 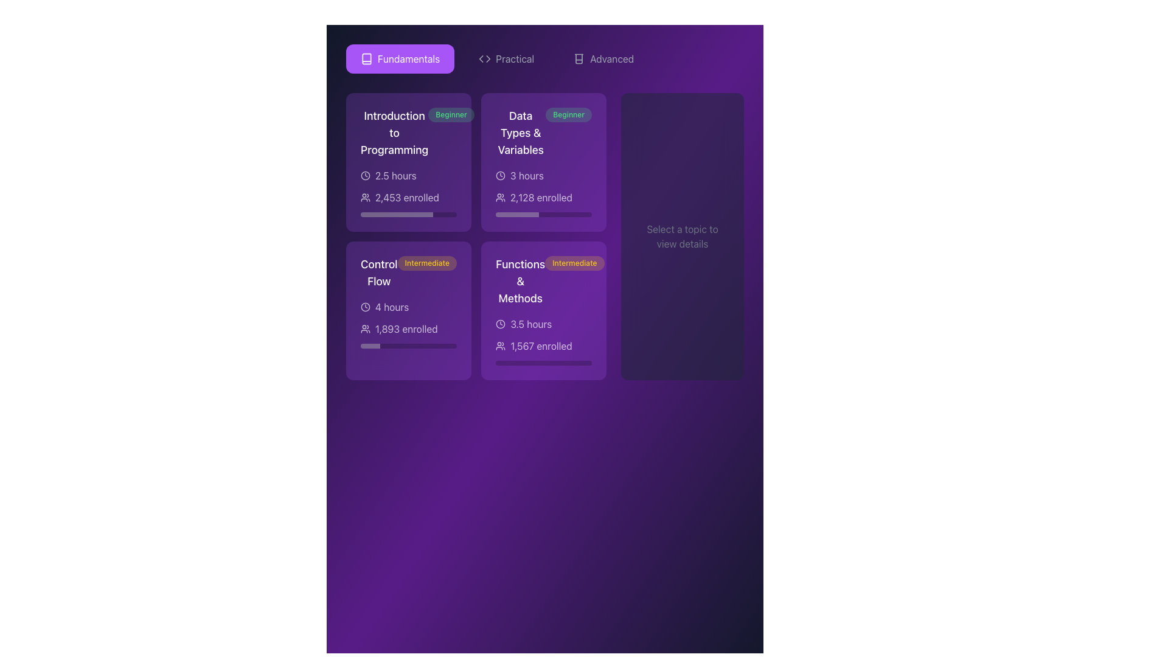 I want to click on the 'Advanced' label located at the top-right area of the interface, so click(x=612, y=58).